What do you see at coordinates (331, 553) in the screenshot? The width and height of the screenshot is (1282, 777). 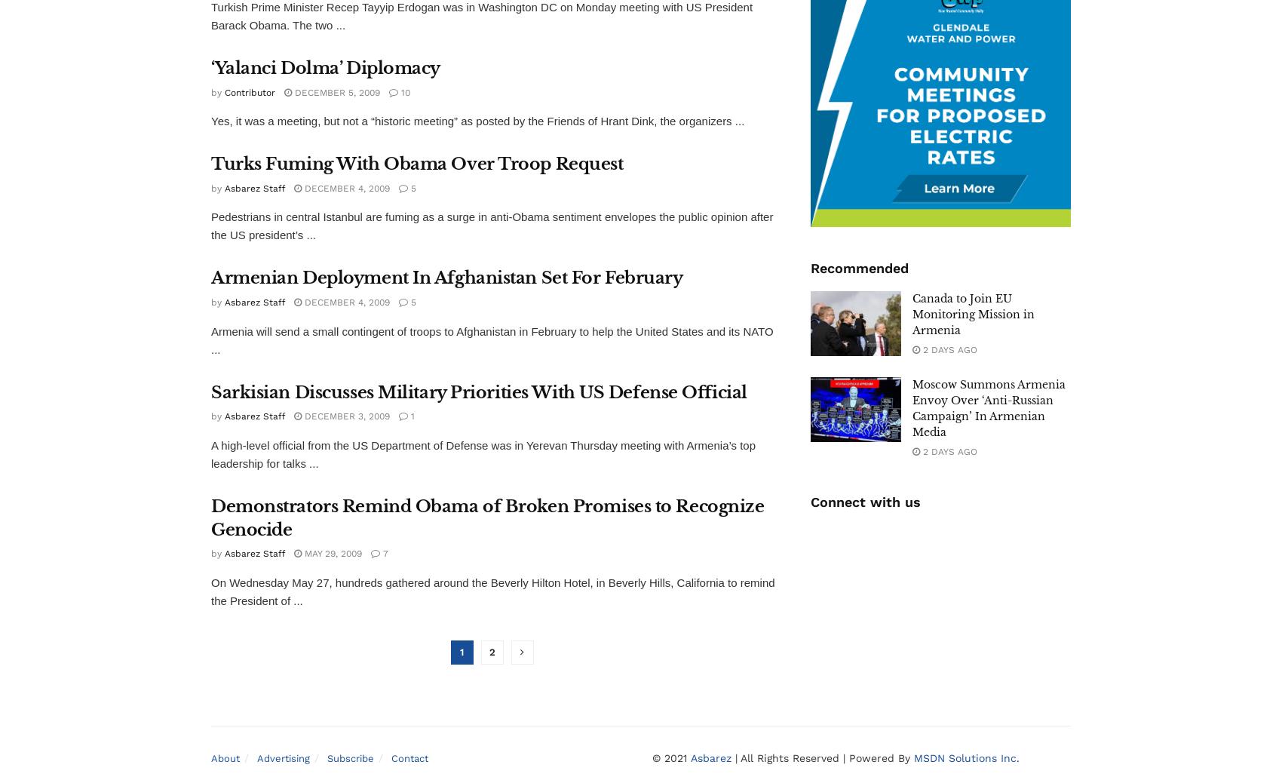 I see `'May 29, 2009'` at bounding box center [331, 553].